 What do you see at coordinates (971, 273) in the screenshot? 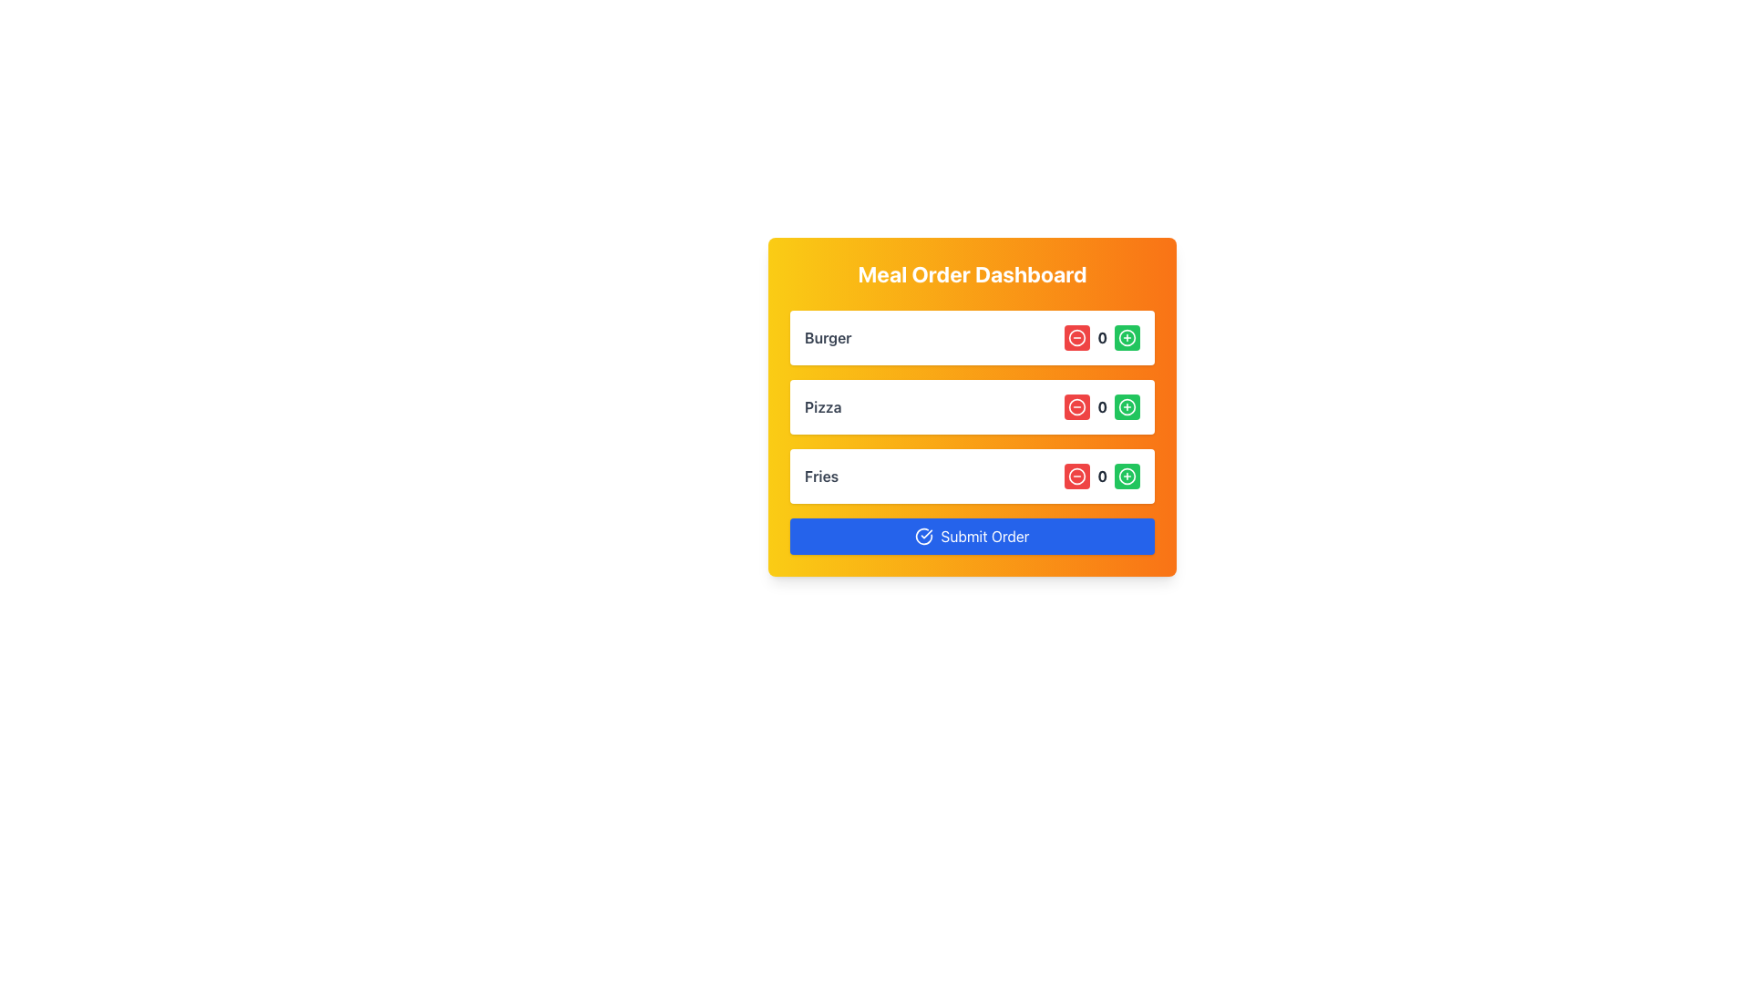
I see `the Text Label that serves as the title of the meal ordering dashboard, located at the top of the interface` at bounding box center [971, 273].